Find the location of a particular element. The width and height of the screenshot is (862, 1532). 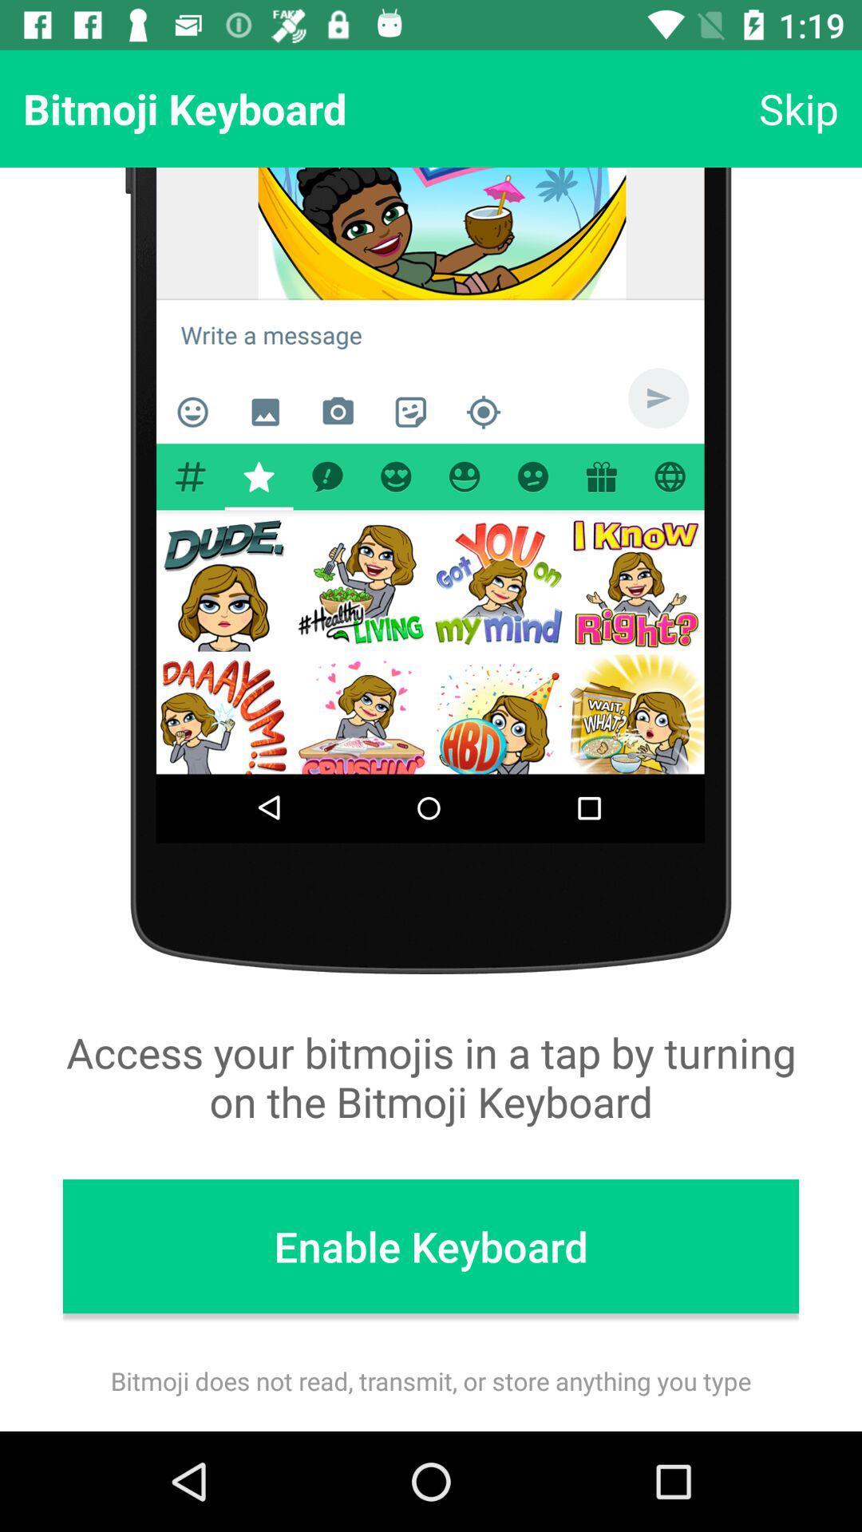

enable keyboard icon is located at coordinates (431, 1246).